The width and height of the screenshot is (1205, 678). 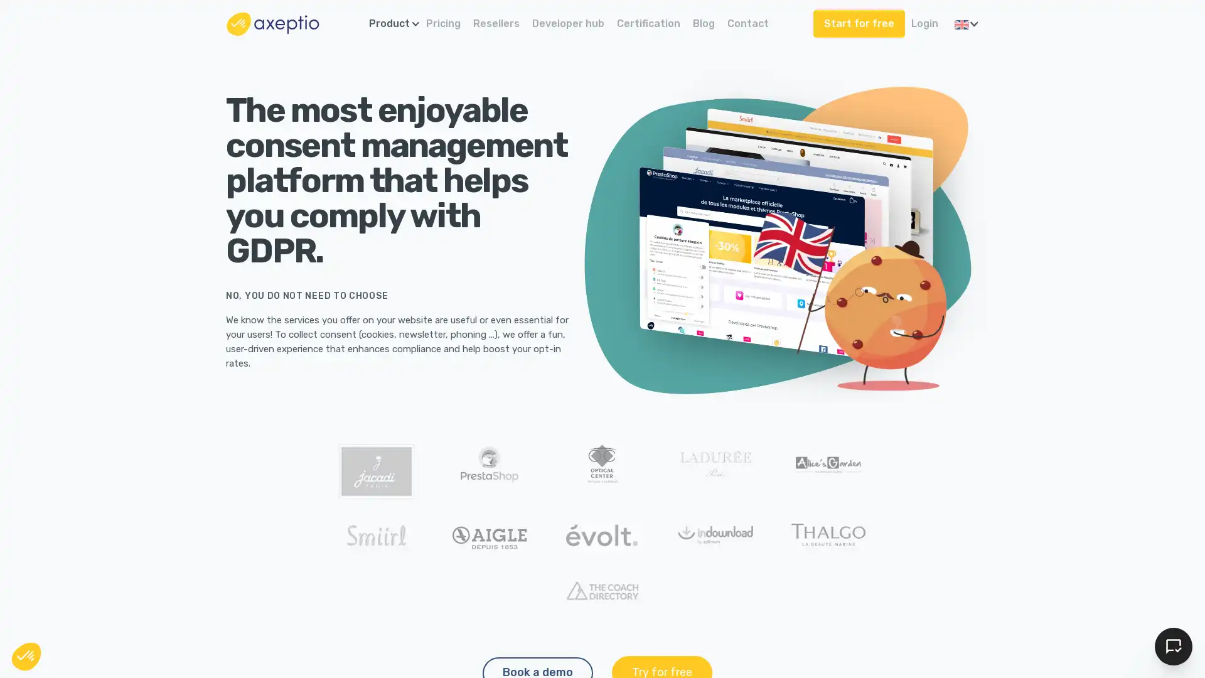 What do you see at coordinates (144, 608) in the screenshot?
I see `I want to choose` at bounding box center [144, 608].